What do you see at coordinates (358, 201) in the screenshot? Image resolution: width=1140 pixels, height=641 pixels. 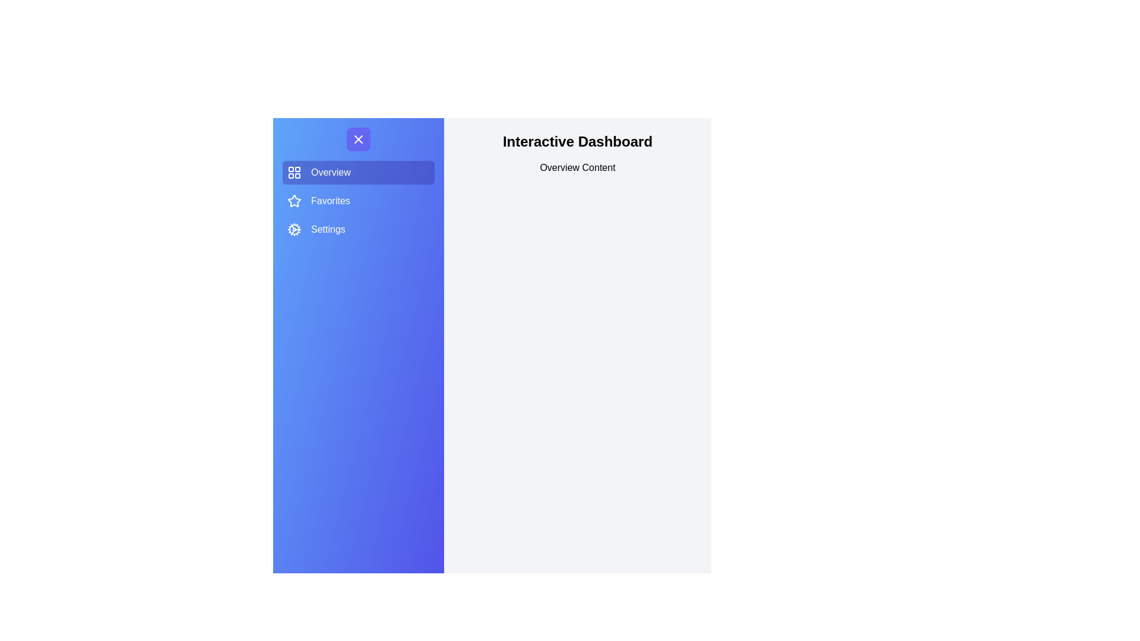 I see `the Favorites section by clicking its menu item` at bounding box center [358, 201].